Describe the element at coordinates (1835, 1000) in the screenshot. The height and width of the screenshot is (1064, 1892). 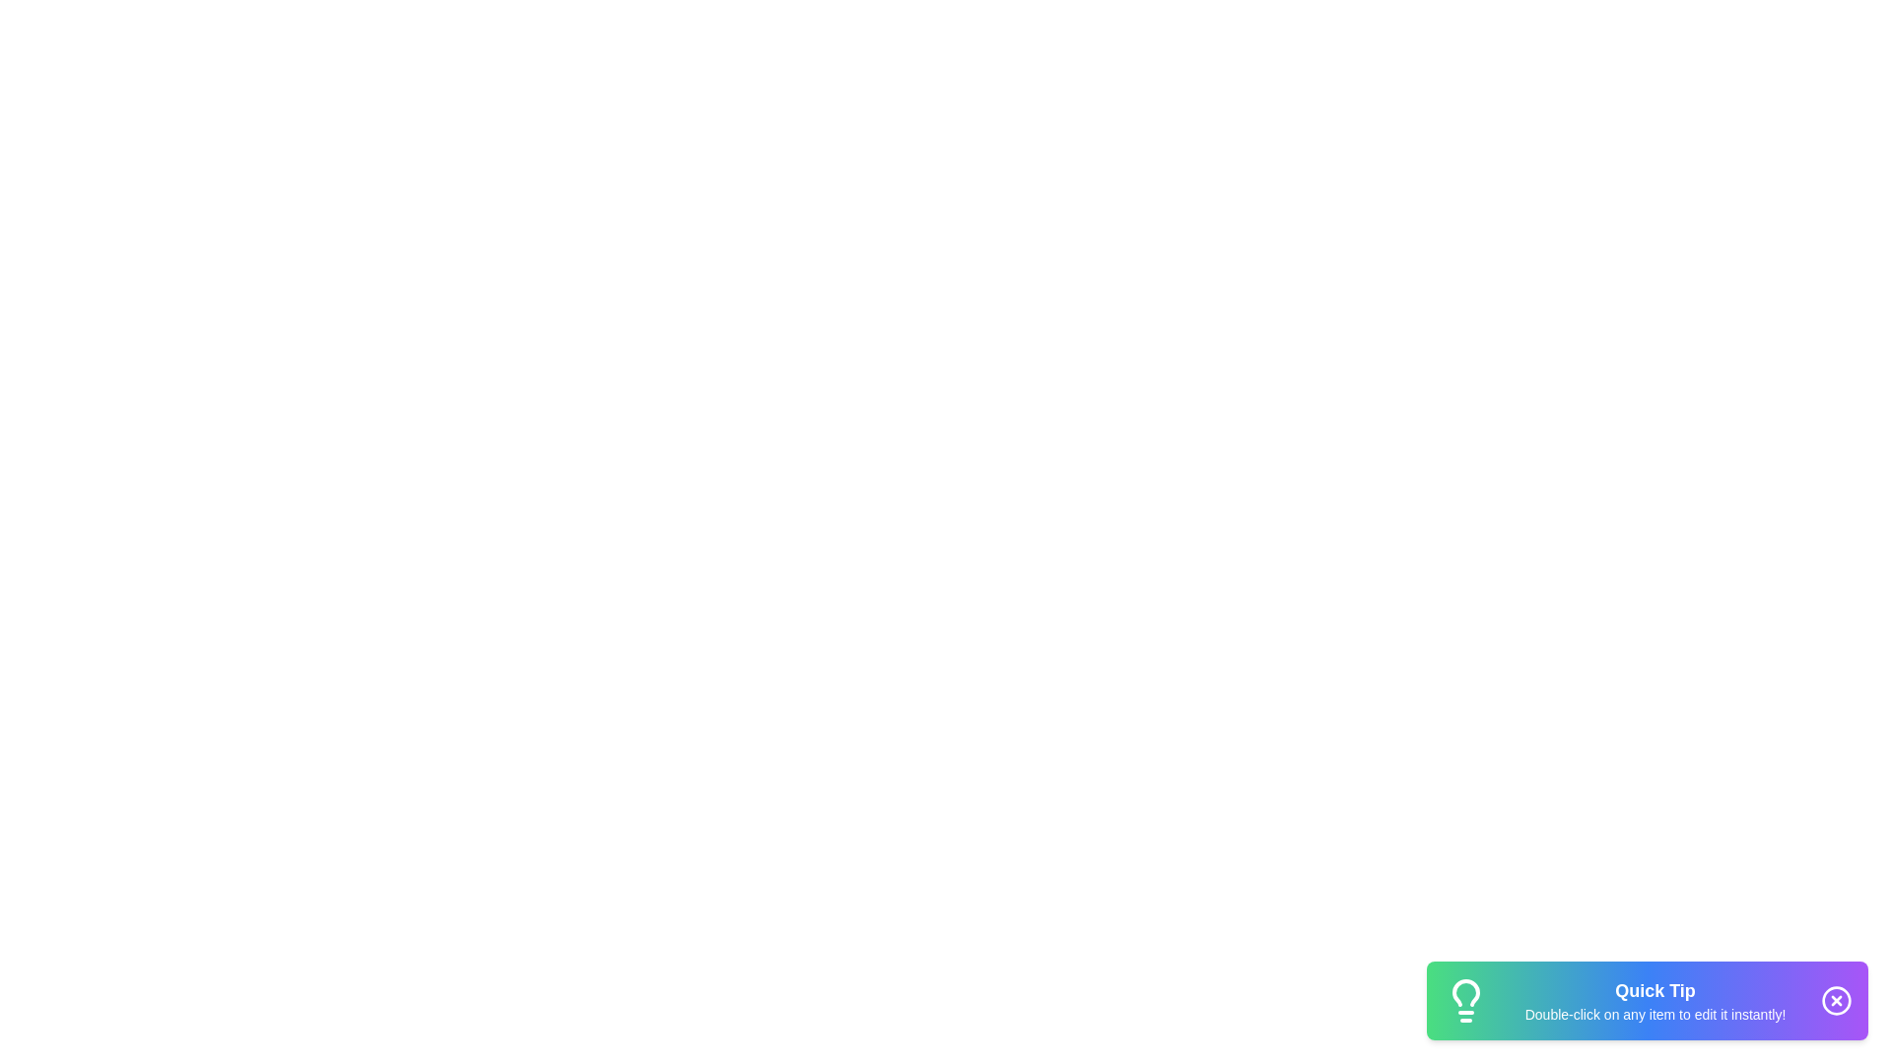
I see `close button to hide the snackbar` at that location.